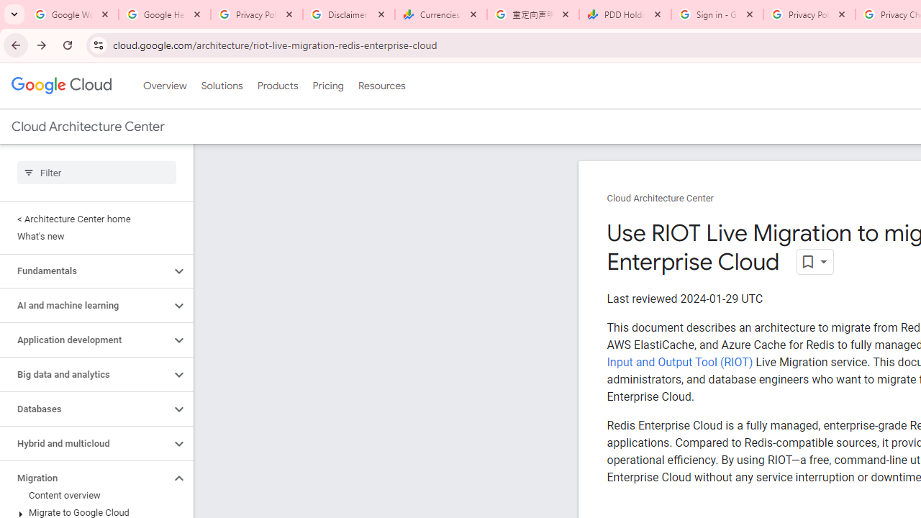 This screenshot has width=921, height=518. Describe the element at coordinates (440, 14) in the screenshot. I see `'Currencies - Google Finance'` at that location.